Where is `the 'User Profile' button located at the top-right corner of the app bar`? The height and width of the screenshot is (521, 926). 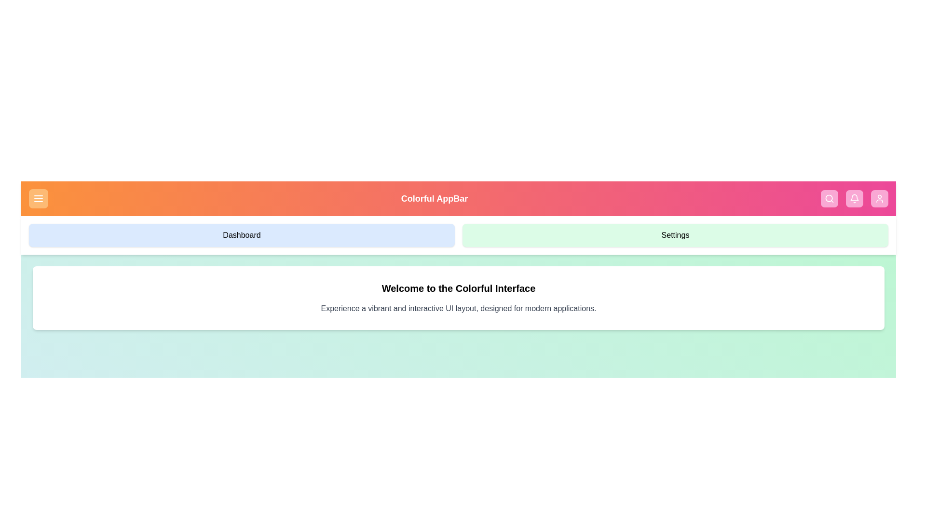 the 'User Profile' button located at the top-right corner of the app bar is located at coordinates (880, 198).